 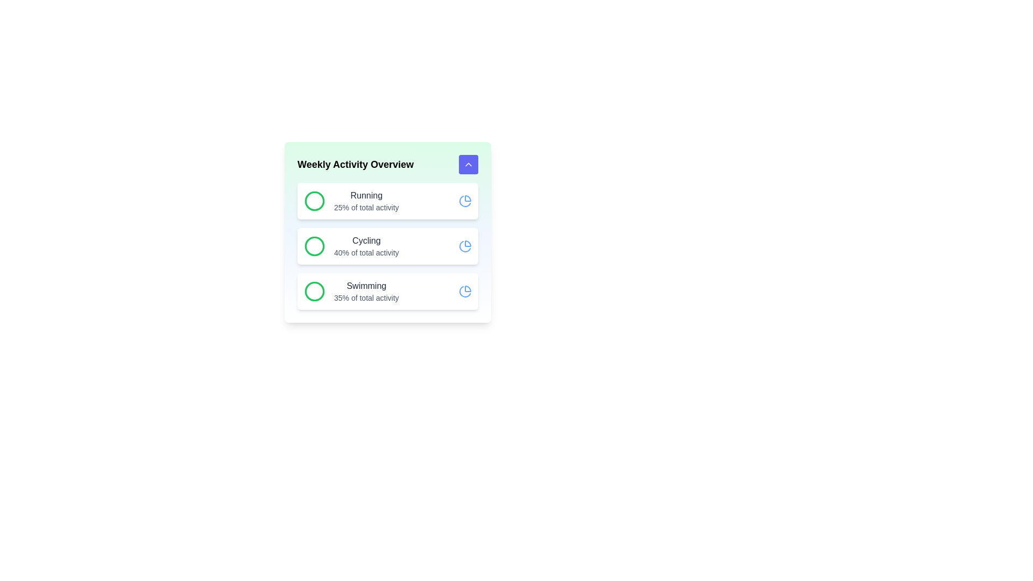 I want to click on the upper-right quarter-circle section of the pie chart icon, which is styled with a blue stroke and located to the right of the 'Weekly Activity Overview' heading, so click(x=468, y=199).